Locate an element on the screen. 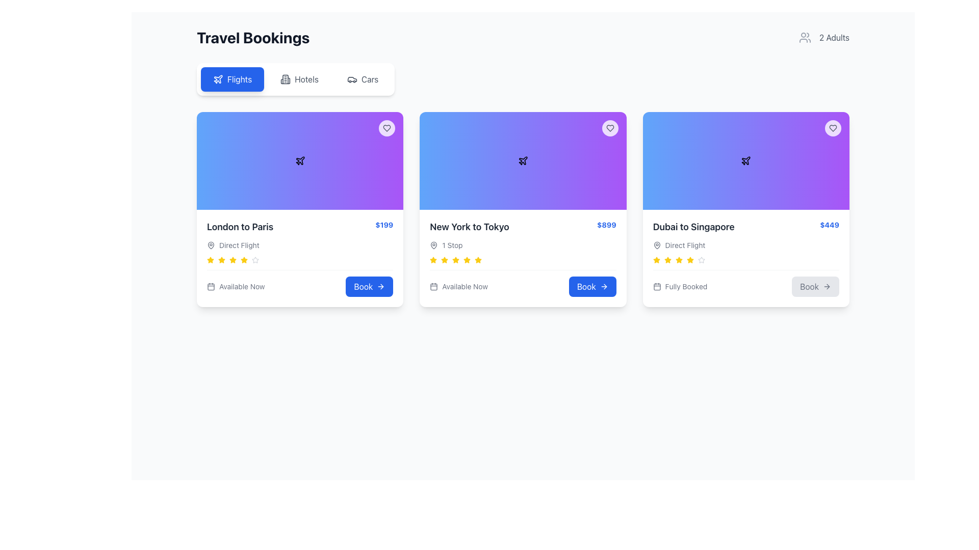 The image size is (979, 550). the calendar icon located left of the text 'Fully Booked' in the bottom section of the 'Dubai to Singapore' card is located at coordinates (657, 287).